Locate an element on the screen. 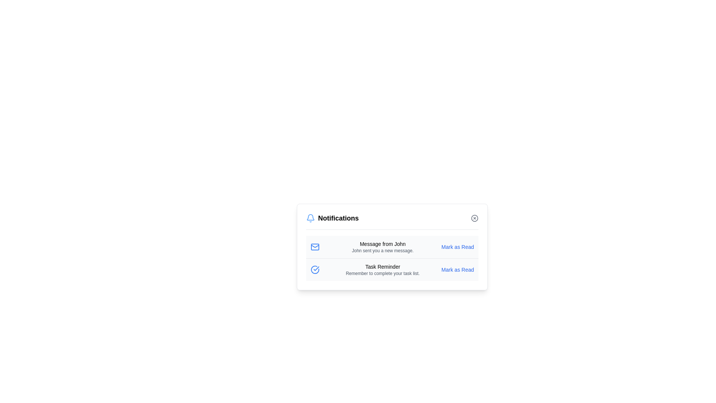 Image resolution: width=716 pixels, height=403 pixels. the interactive text link styled in blue with the text 'Mark as Read', located in the bottom-right corner of the 'Task Reminder' notification to trigger the underline effect is located at coordinates (457, 269).